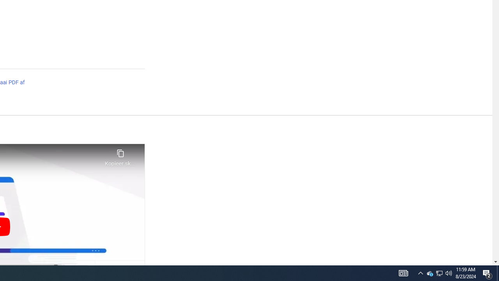 This screenshot has height=281, width=499. I want to click on 'Kopieer skakel', so click(120, 155).